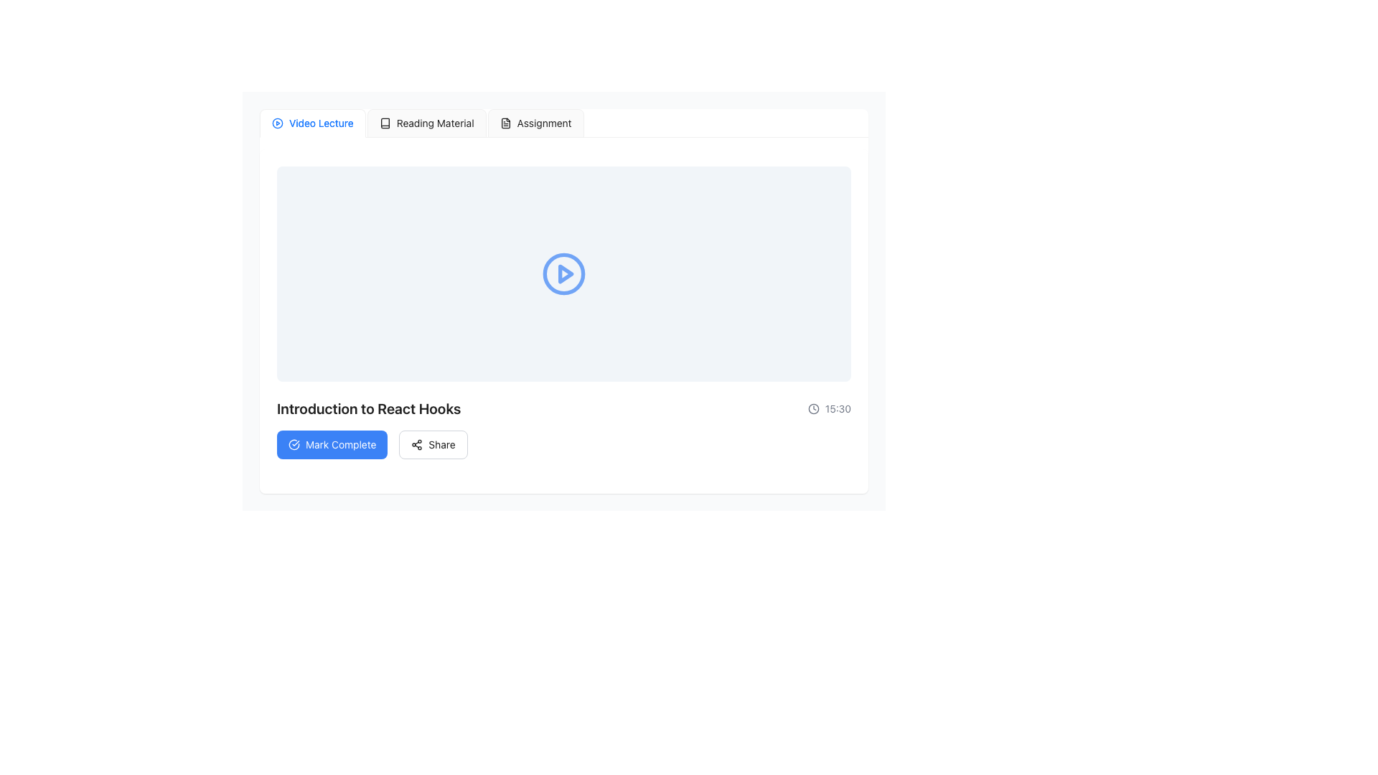  Describe the element at coordinates (563, 123) in the screenshot. I see `the 'Video Lecture' tab in the Tablist` at that location.